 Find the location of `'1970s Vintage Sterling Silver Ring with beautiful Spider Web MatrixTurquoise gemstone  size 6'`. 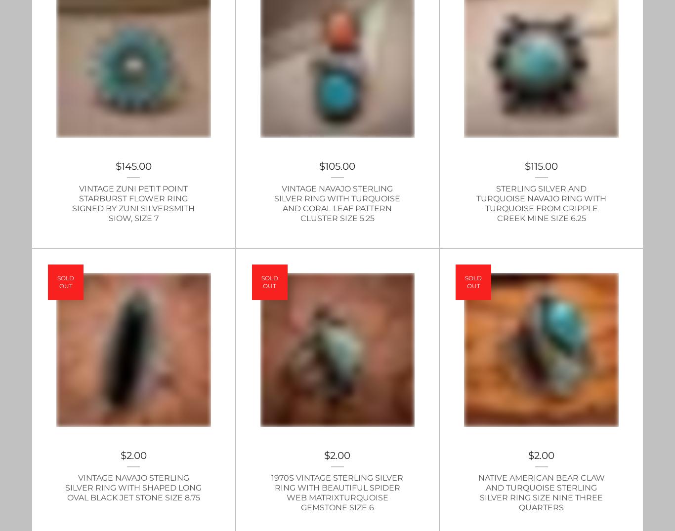

'1970s Vintage Sterling Silver Ring with beautiful Spider Web MatrixTurquoise gemstone  size 6' is located at coordinates (337, 492).